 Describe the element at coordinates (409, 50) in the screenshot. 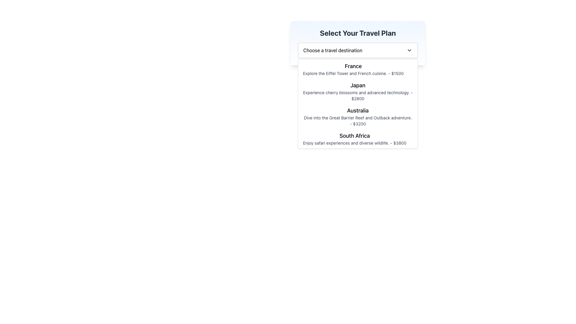

I see `the arrow icon located on the right side of the dropdown button labeled 'Choose a travel destination'` at that location.